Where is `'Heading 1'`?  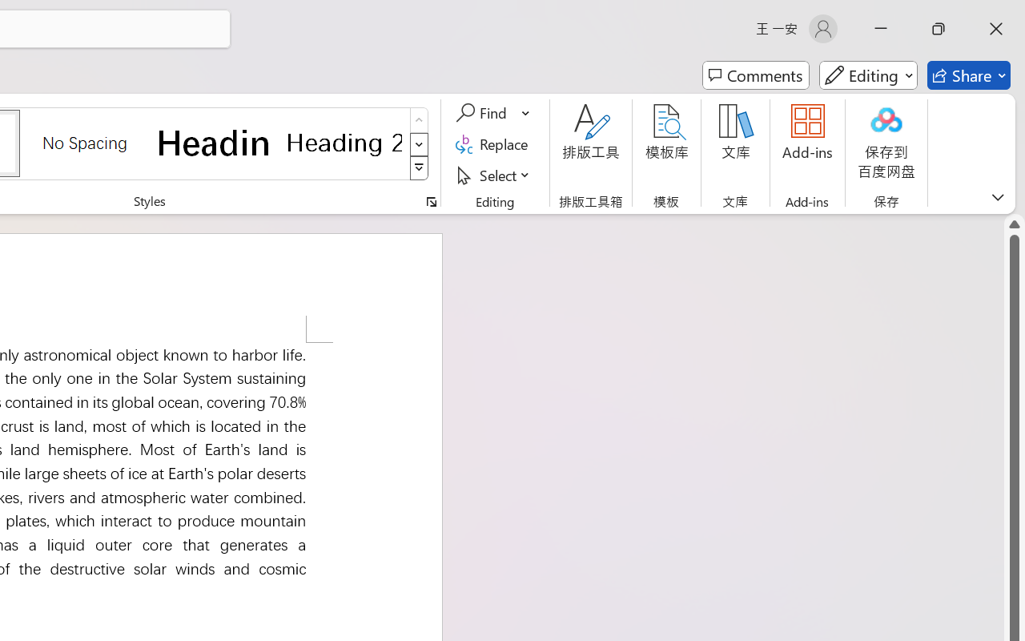
'Heading 1' is located at coordinates (214, 142).